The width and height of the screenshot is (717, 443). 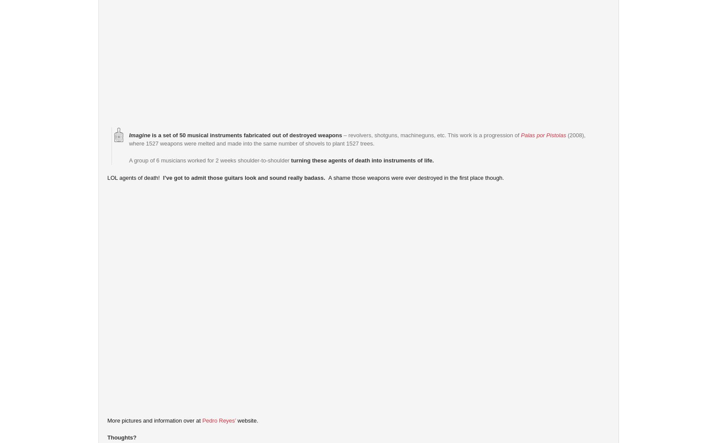 I want to click on 'A group of 6 musicians worked for 2 weeks shoulder-to-shoulder', so click(x=209, y=160).